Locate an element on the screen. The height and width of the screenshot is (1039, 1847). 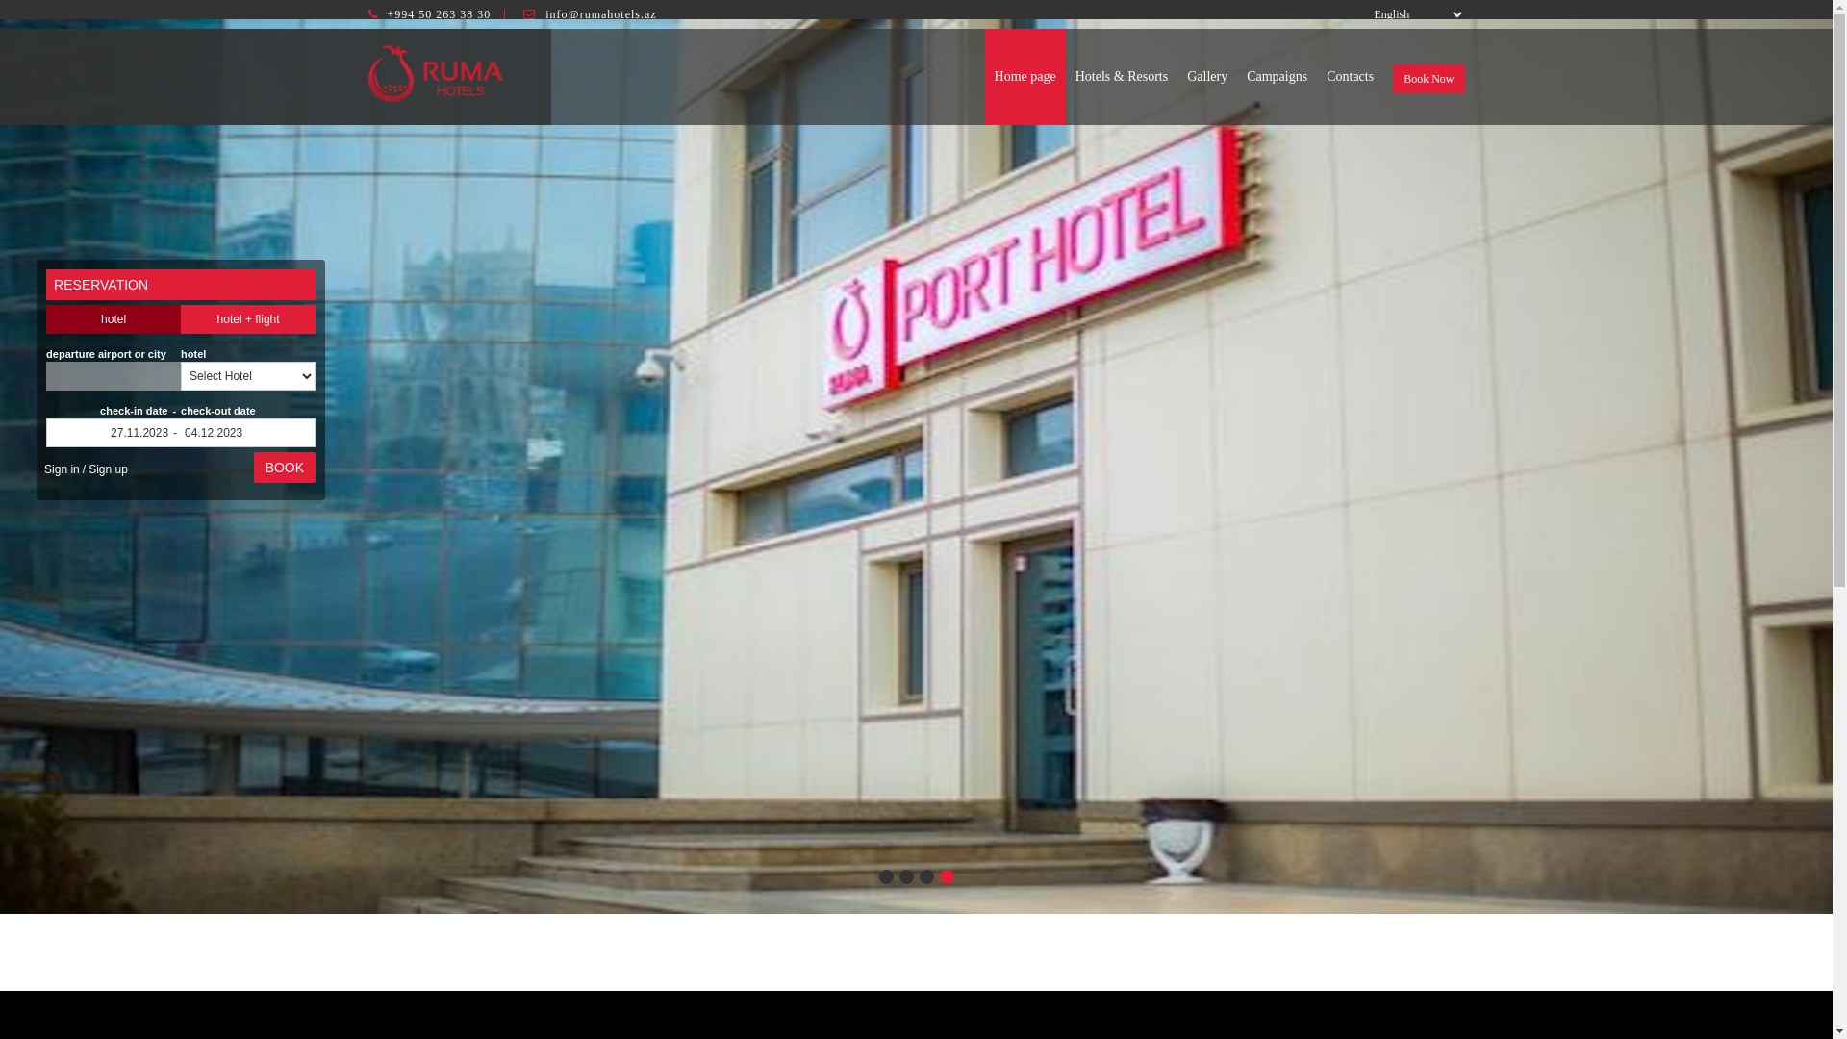
'Book Now' is located at coordinates (1428, 77).